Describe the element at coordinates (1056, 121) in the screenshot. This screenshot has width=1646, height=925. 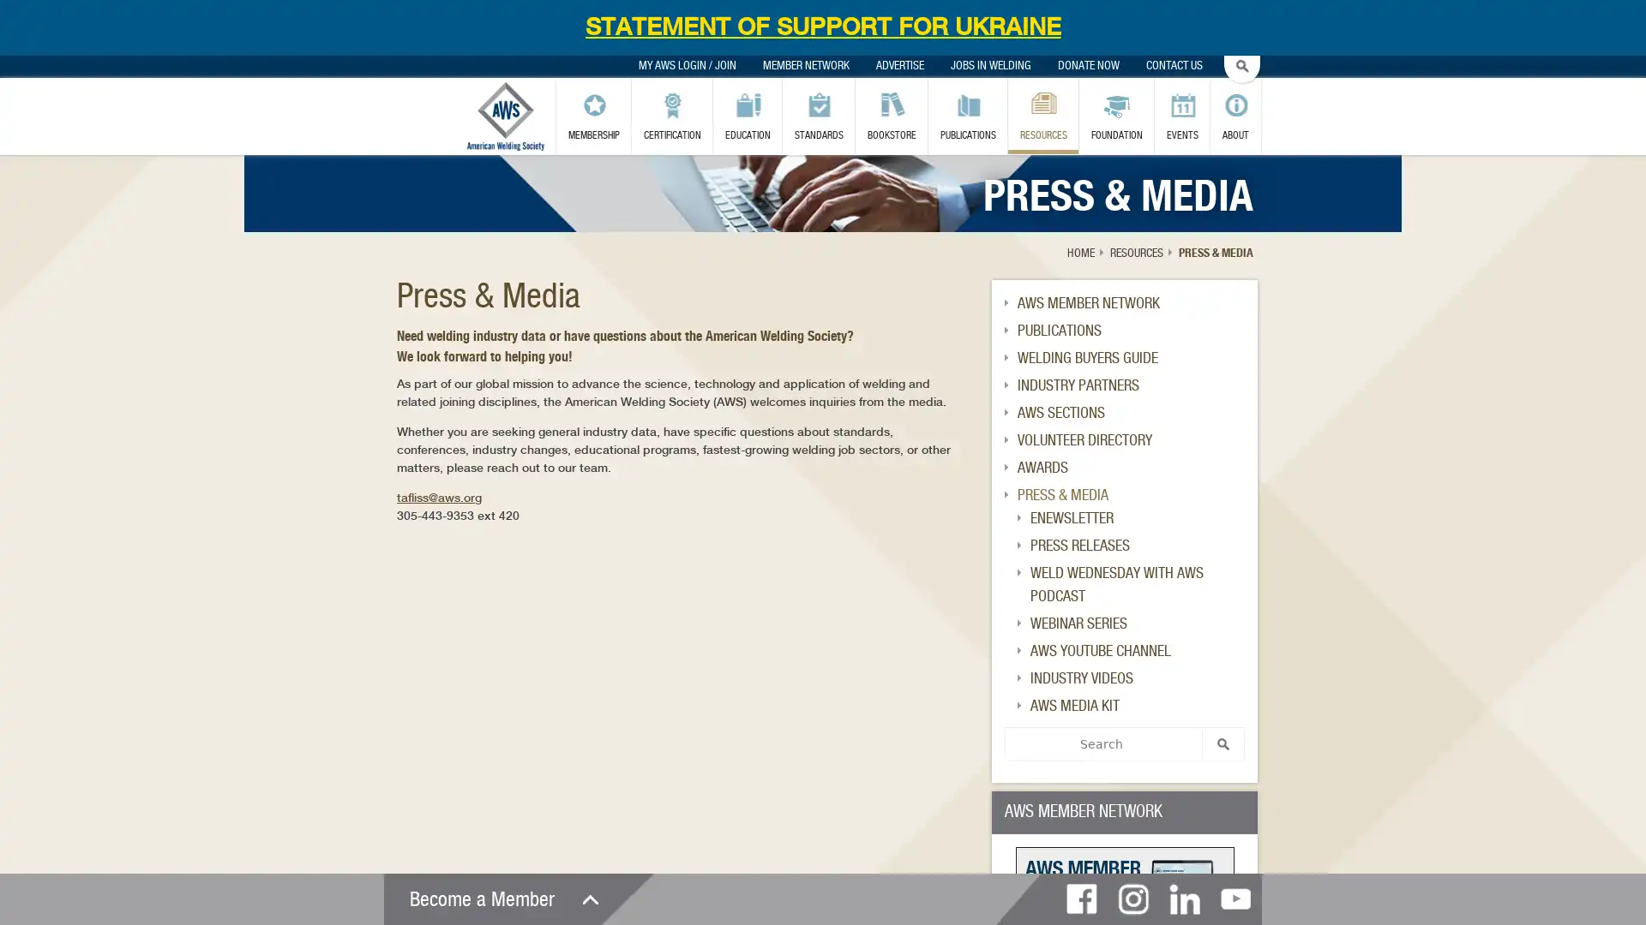
I see `Accept` at that location.